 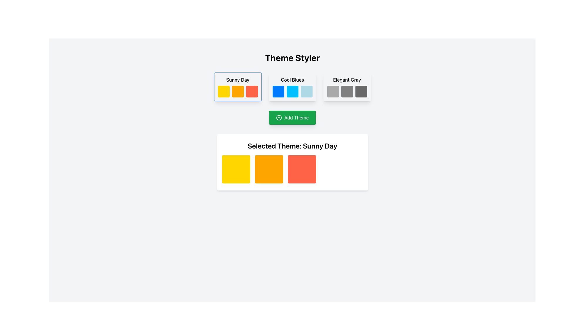 What do you see at coordinates (278, 118) in the screenshot?
I see `the green circular icon with a white plus sign, which is located inside the 'Add Theme' button` at bounding box center [278, 118].